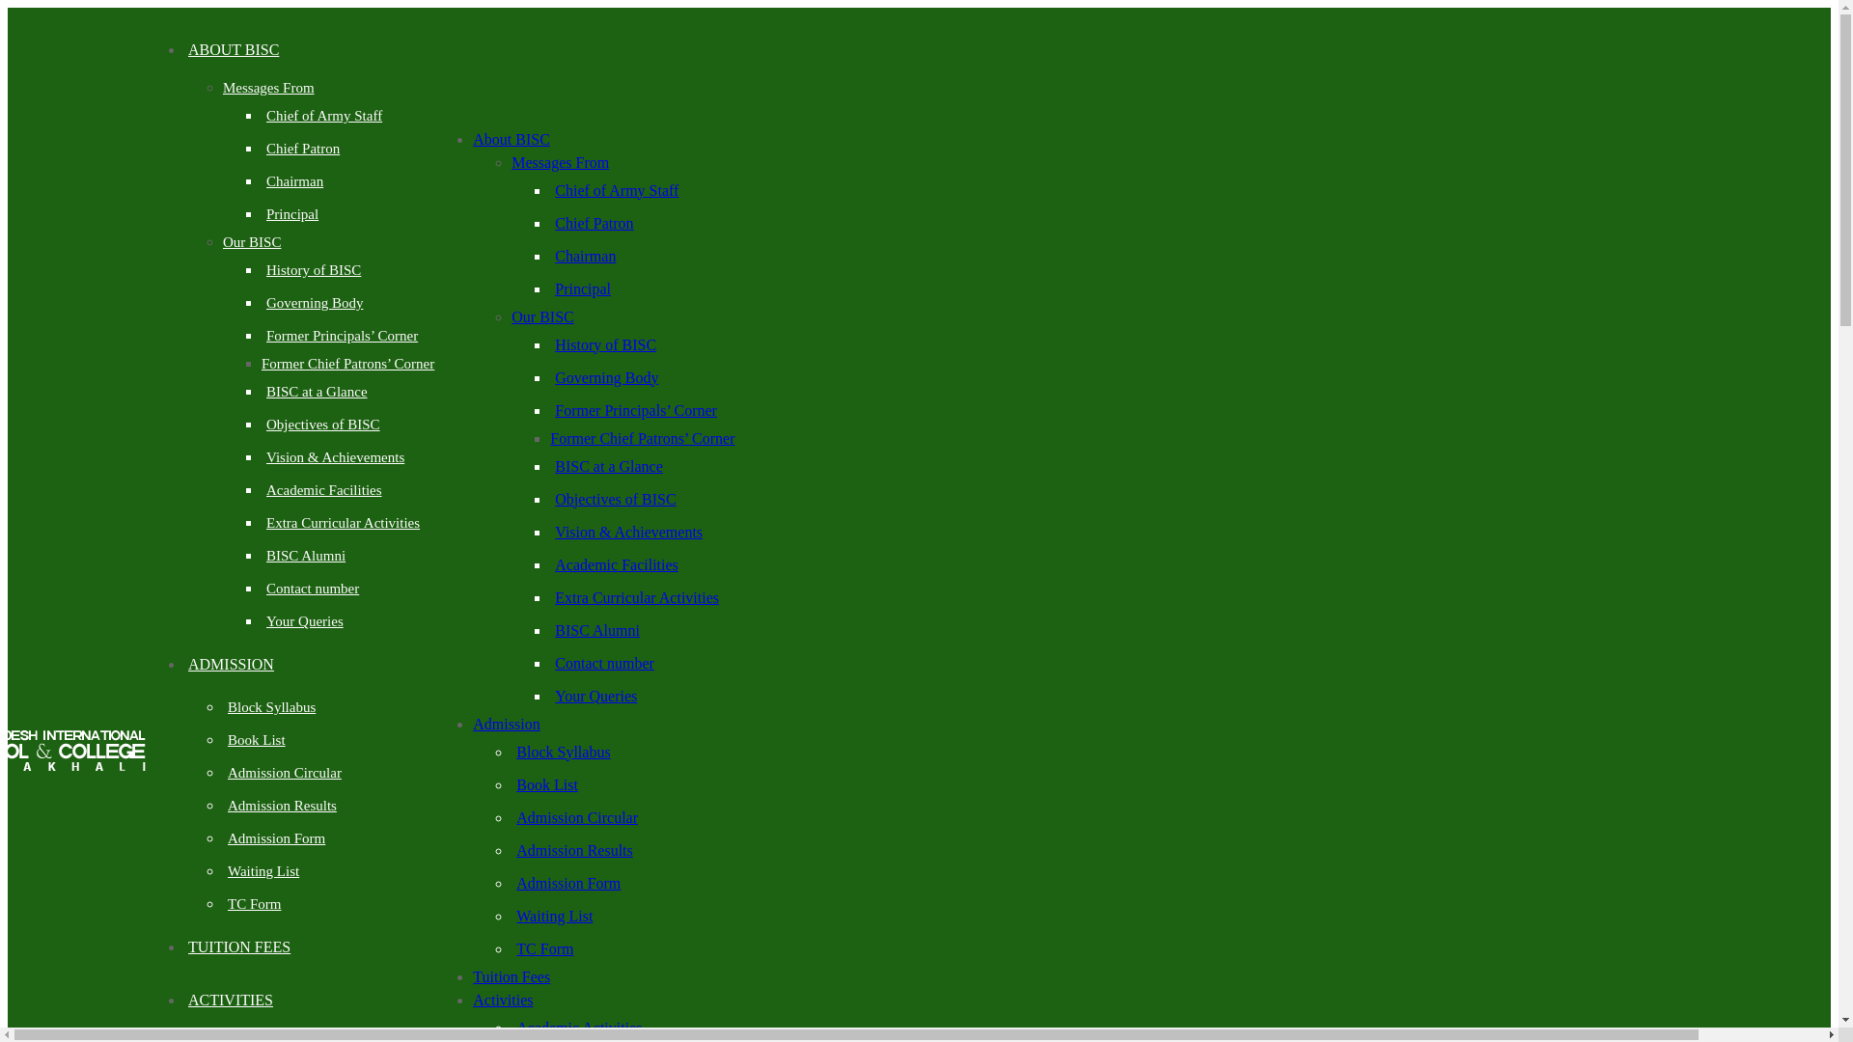 The width and height of the screenshot is (1853, 1042). What do you see at coordinates (227, 739) in the screenshot?
I see `'Book List'` at bounding box center [227, 739].